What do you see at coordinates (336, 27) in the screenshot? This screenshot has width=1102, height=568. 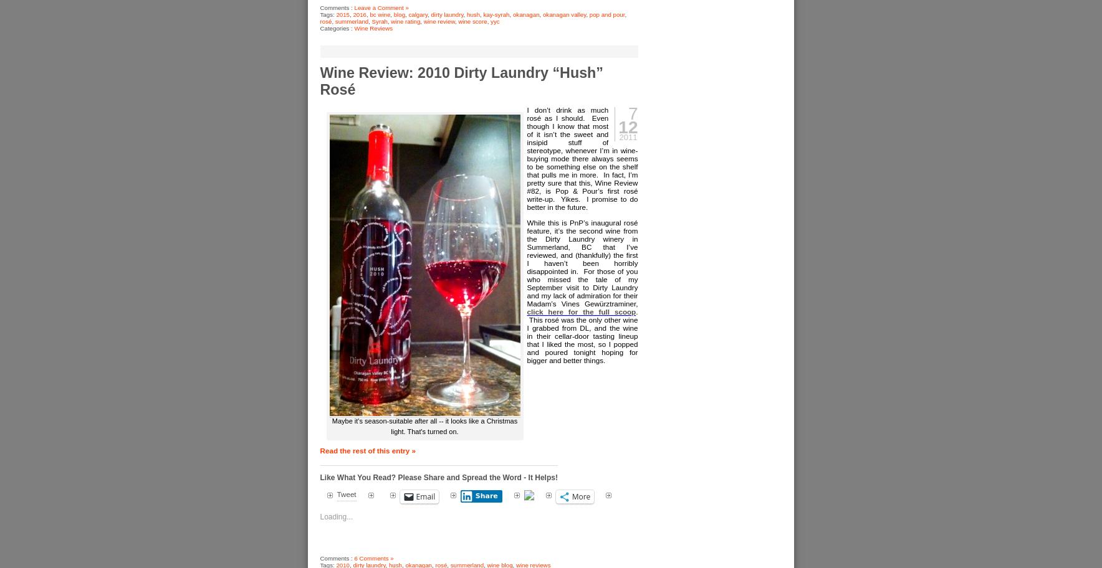 I see `'Categories :'` at bounding box center [336, 27].